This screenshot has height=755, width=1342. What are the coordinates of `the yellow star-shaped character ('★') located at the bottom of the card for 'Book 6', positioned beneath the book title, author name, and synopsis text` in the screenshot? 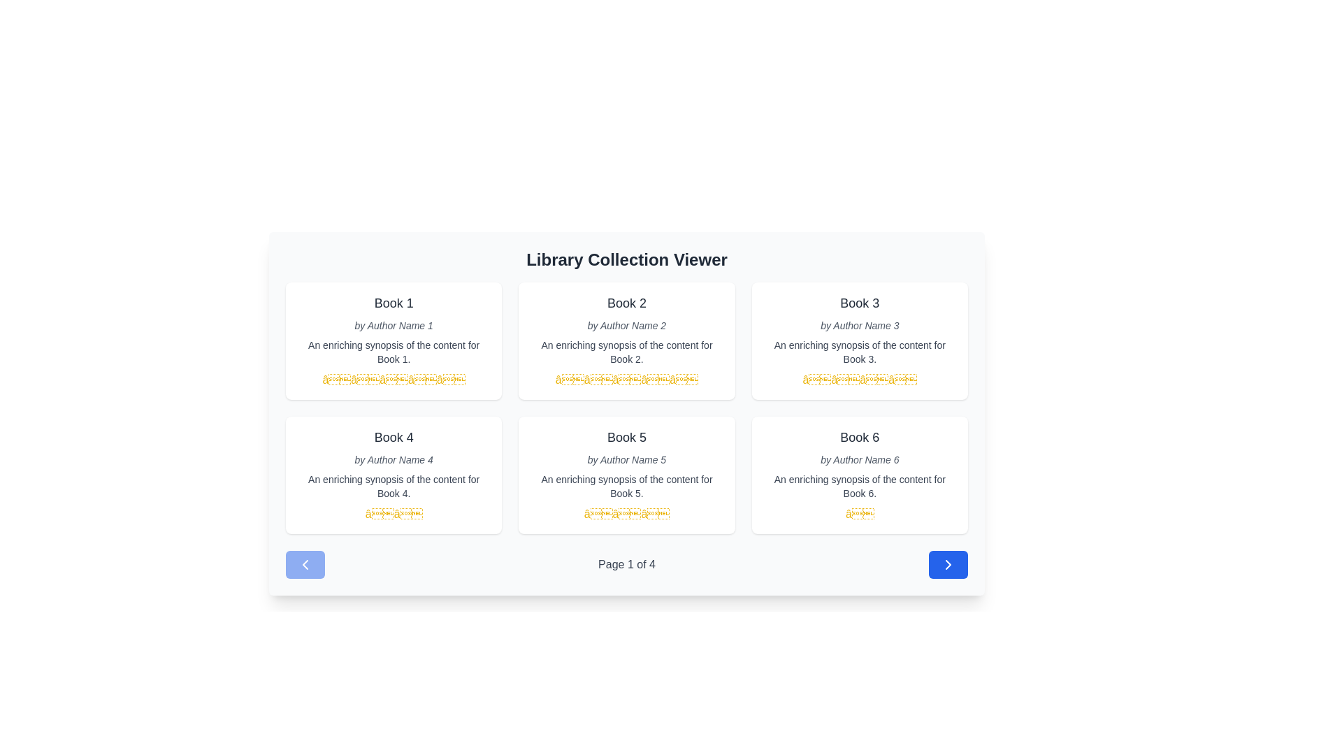 It's located at (859, 515).